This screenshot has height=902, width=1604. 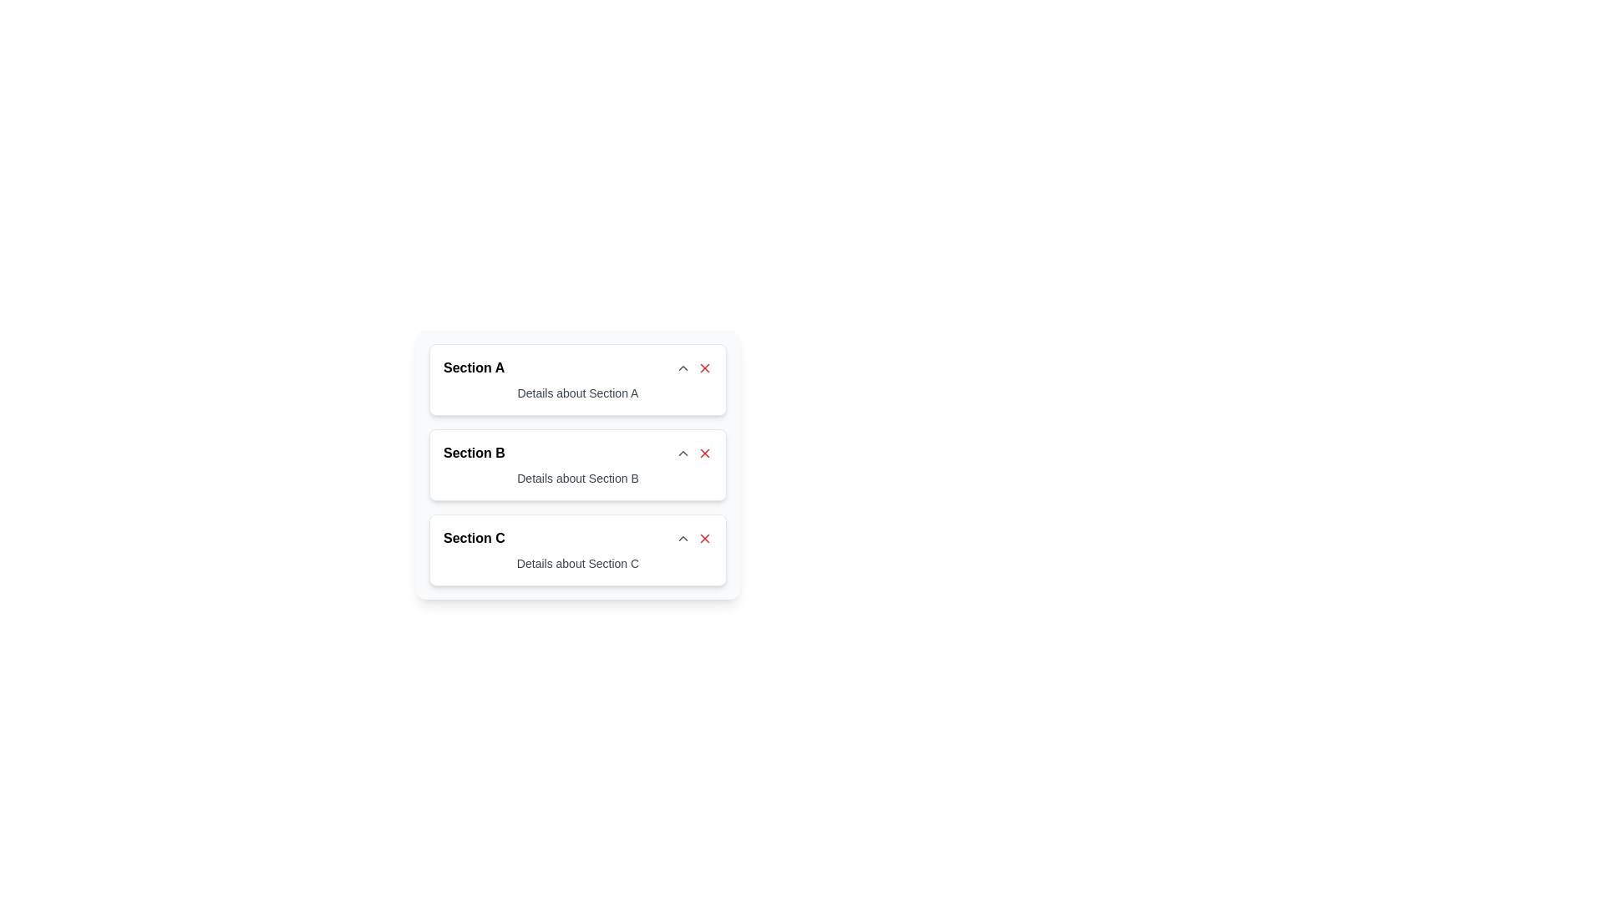 What do you see at coordinates (705, 367) in the screenshot?
I see `the red 'X' icon button` at bounding box center [705, 367].